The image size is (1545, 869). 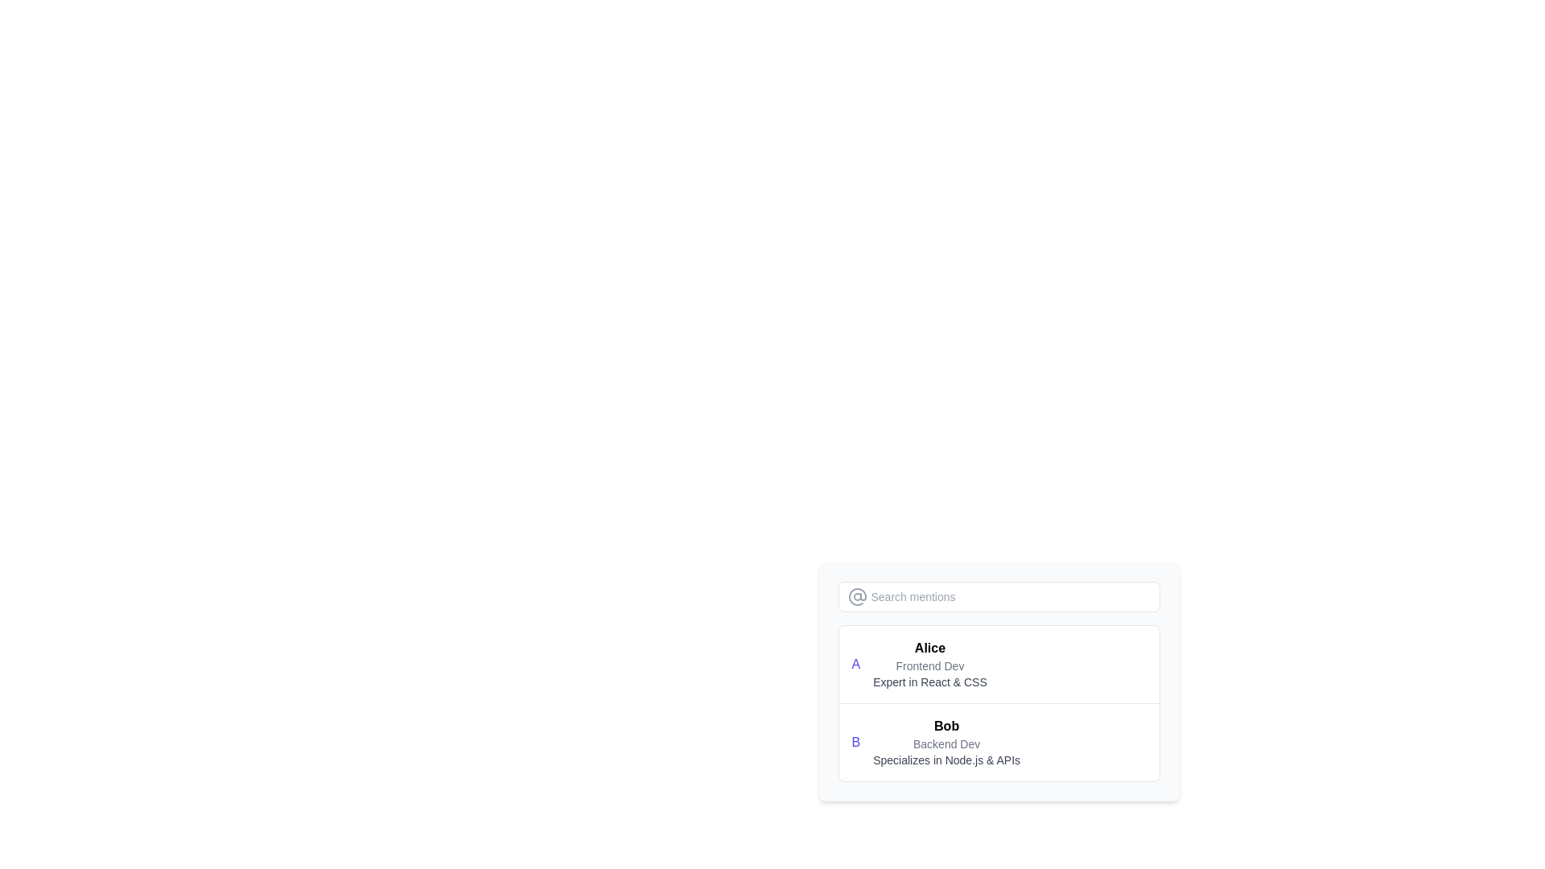 What do you see at coordinates (855, 742) in the screenshot?
I see `the bold and uppercase letter 'B' styled in indigo color, which is positioned at the beginning of the second list item describing the user 'Bob'` at bounding box center [855, 742].